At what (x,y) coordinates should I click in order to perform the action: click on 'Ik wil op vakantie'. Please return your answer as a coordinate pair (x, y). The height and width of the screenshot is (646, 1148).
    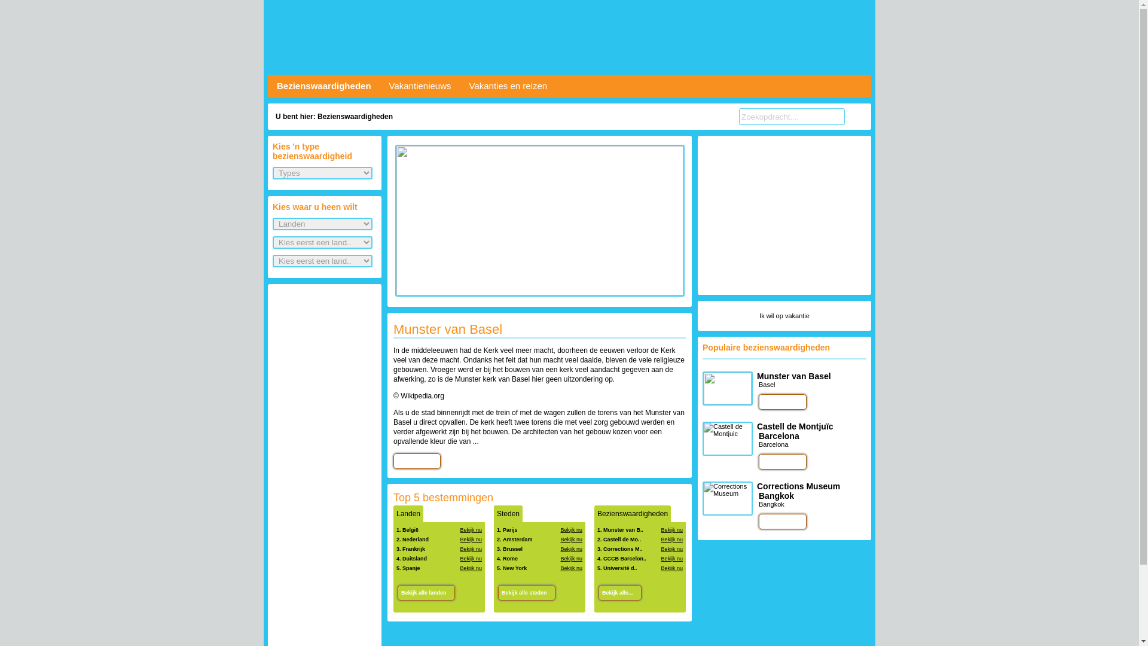
    Looking at the image, I should click on (784, 315).